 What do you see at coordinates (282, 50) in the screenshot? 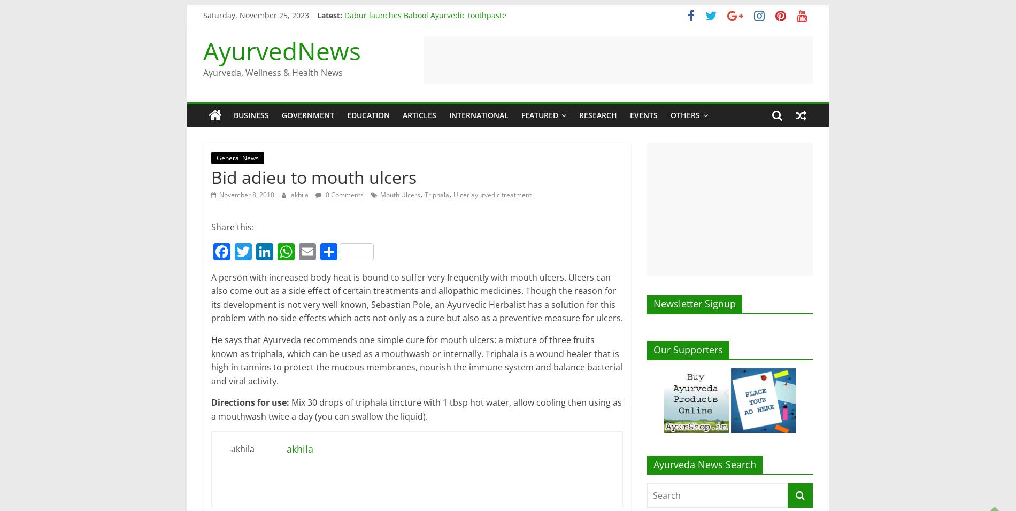
I see `'AyurvedNews'` at bounding box center [282, 50].